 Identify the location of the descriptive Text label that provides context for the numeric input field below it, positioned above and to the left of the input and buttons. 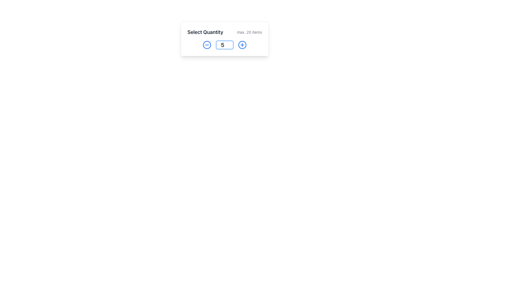
(205, 32).